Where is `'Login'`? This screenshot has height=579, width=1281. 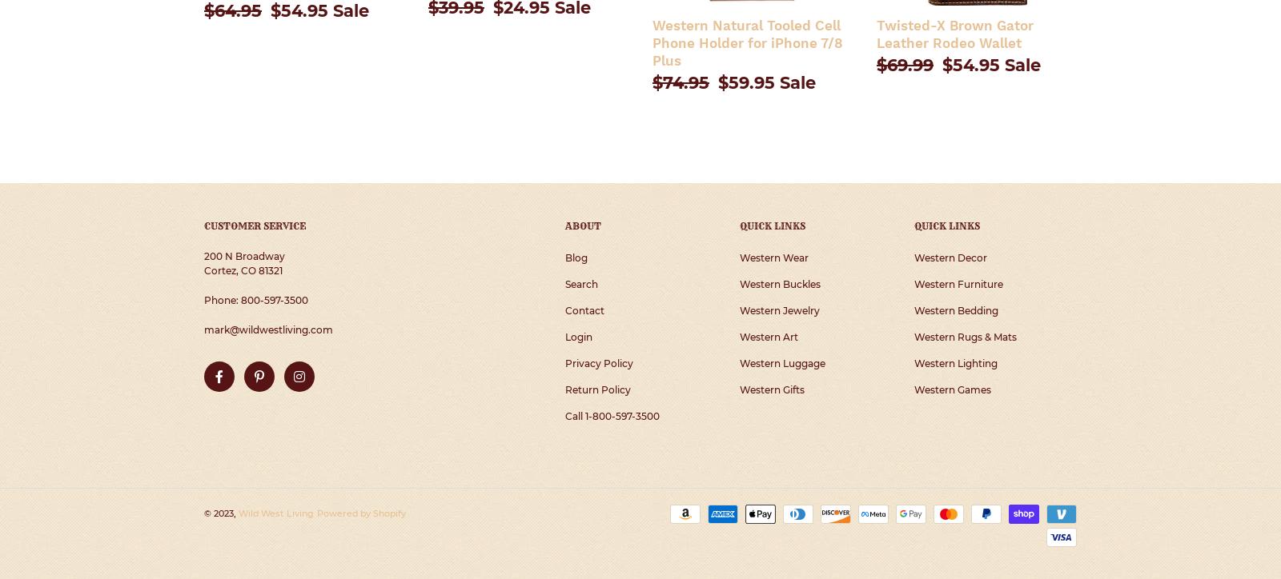 'Login' is located at coordinates (579, 336).